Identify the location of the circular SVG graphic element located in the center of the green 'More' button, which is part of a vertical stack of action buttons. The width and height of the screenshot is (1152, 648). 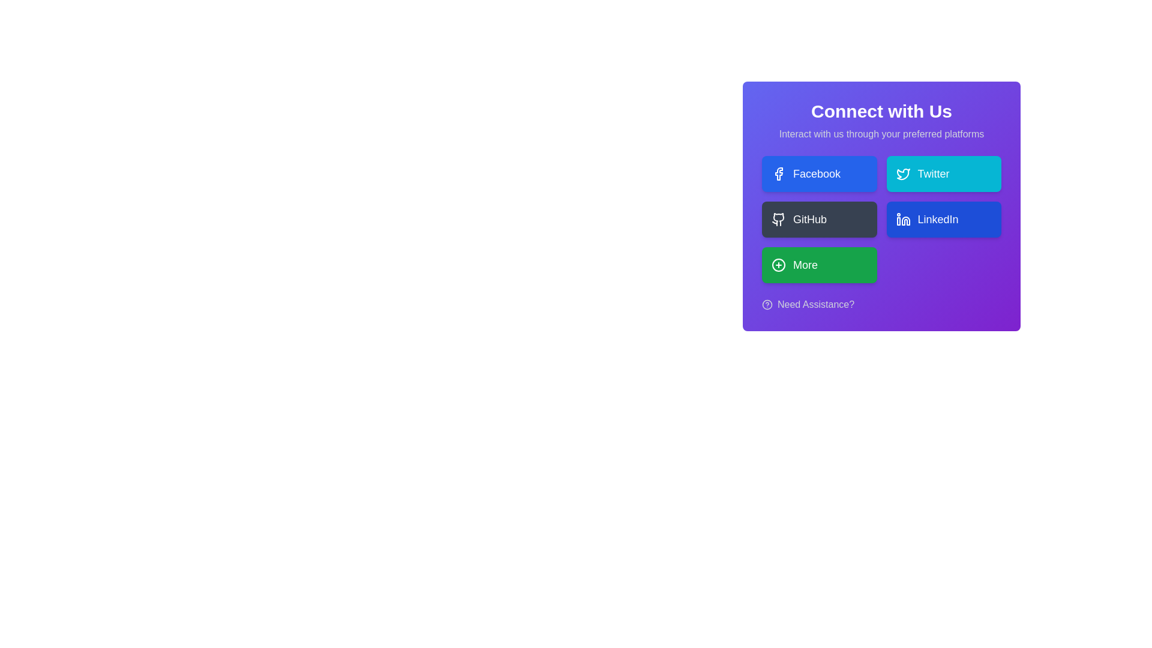
(778, 265).